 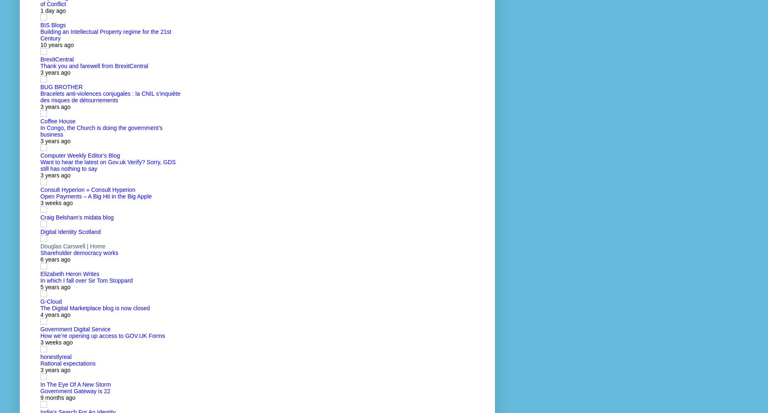 What do you see at coordinates (95, 308) in the screenshot?
I see `'The Digital Marketplace blog is now closed'` at bounding box center [95, 308].